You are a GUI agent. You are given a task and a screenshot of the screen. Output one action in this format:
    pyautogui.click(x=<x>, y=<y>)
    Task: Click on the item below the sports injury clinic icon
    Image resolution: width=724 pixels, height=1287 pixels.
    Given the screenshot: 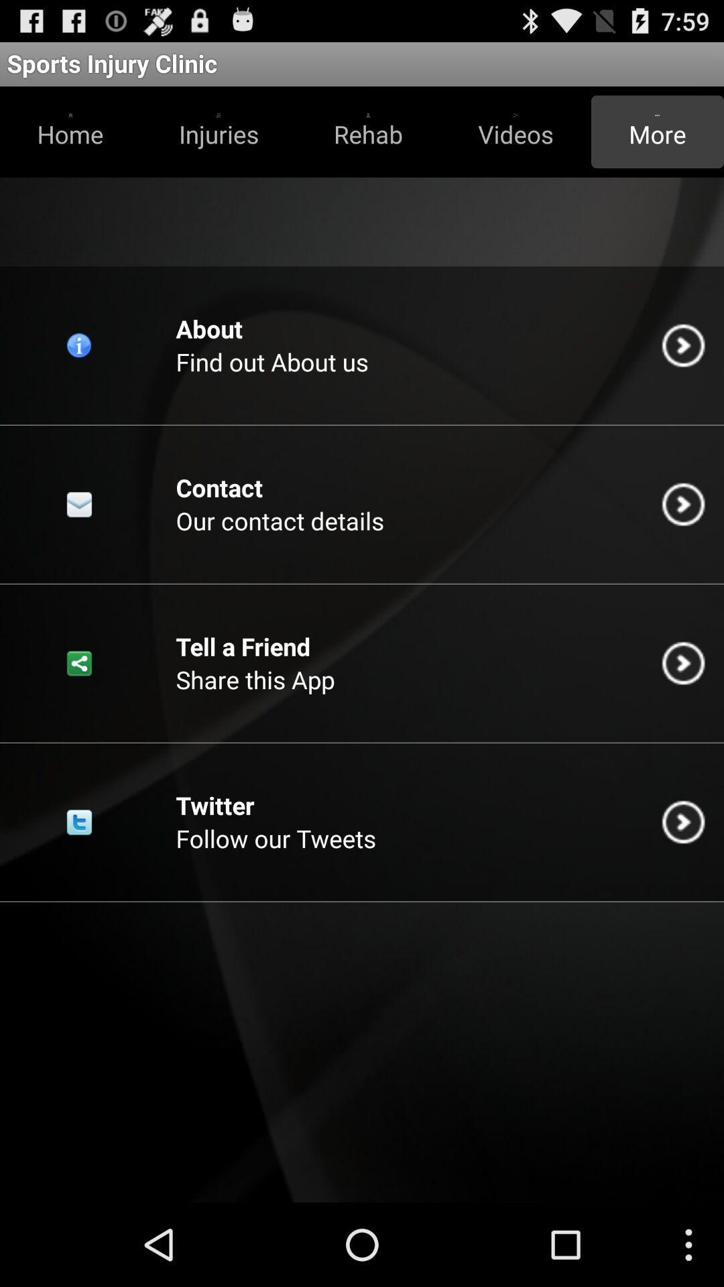 What is the action you would take?
    pyautogui.click(x=368, y=131)
    